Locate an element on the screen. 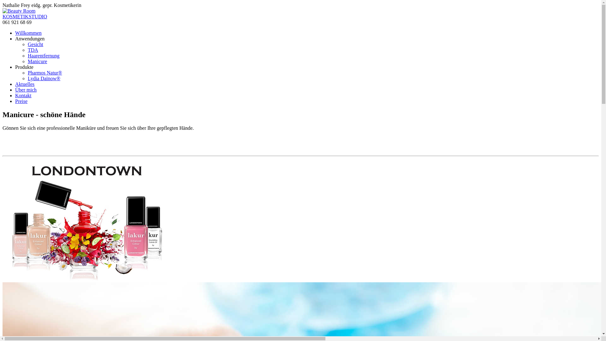 The image size is (606, 341). 'Kontakt' is located at coordinates (23, 95).